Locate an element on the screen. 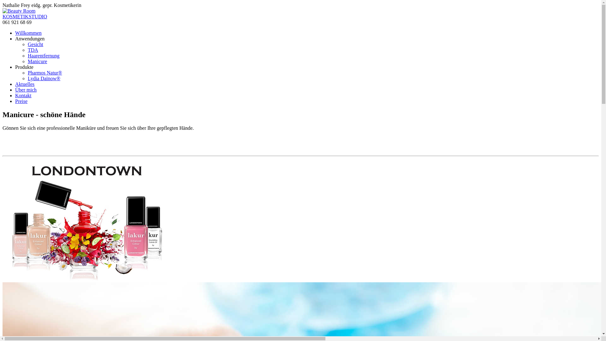 The image size is (606, 341). 'Kontakt' is located at coordinates (23, 95).